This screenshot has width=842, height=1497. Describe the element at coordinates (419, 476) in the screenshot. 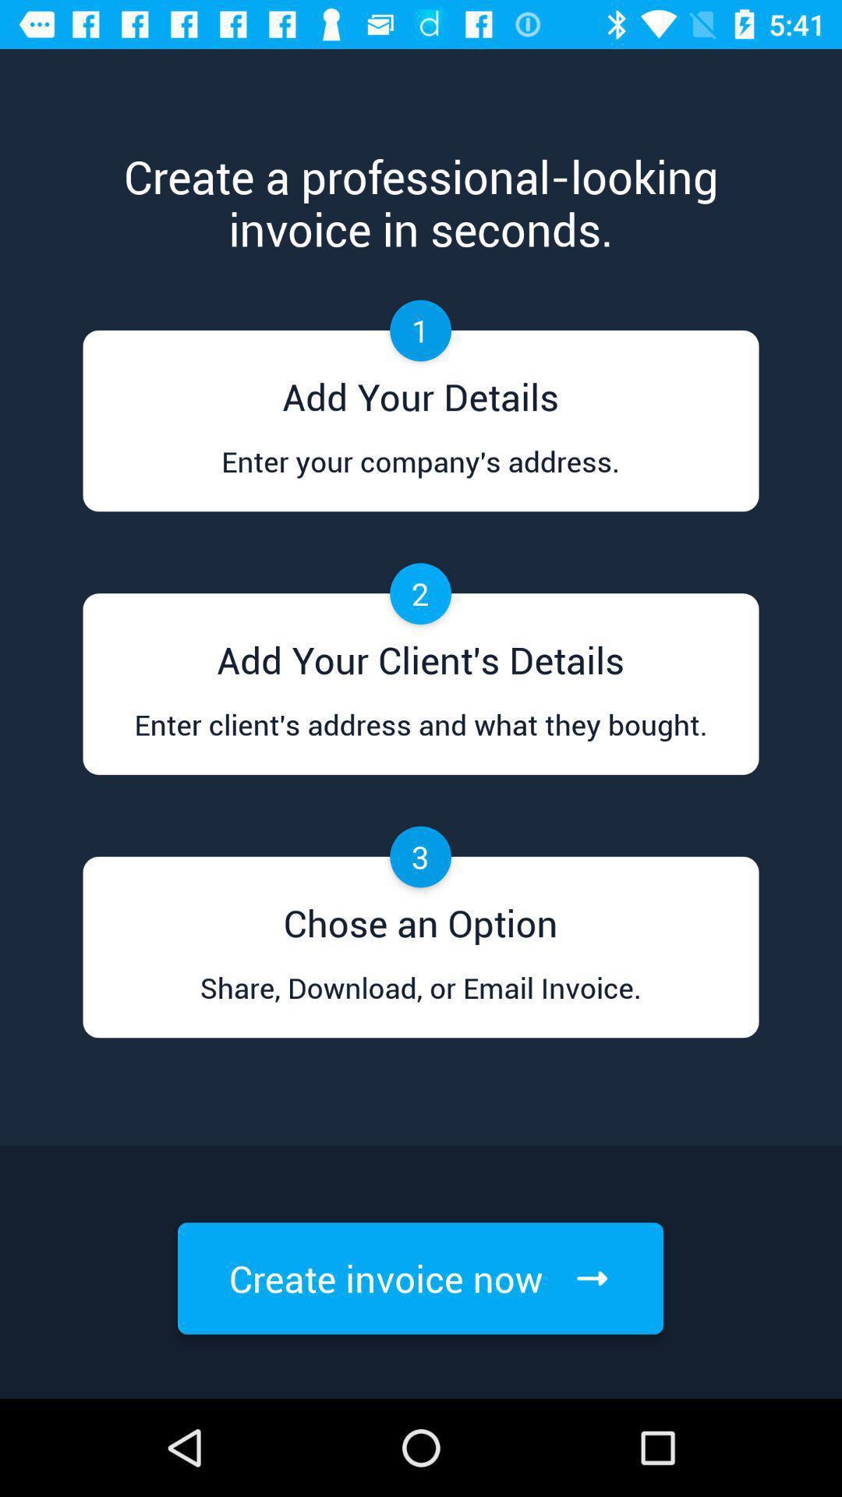

I see `the companys address in first option` at that location.